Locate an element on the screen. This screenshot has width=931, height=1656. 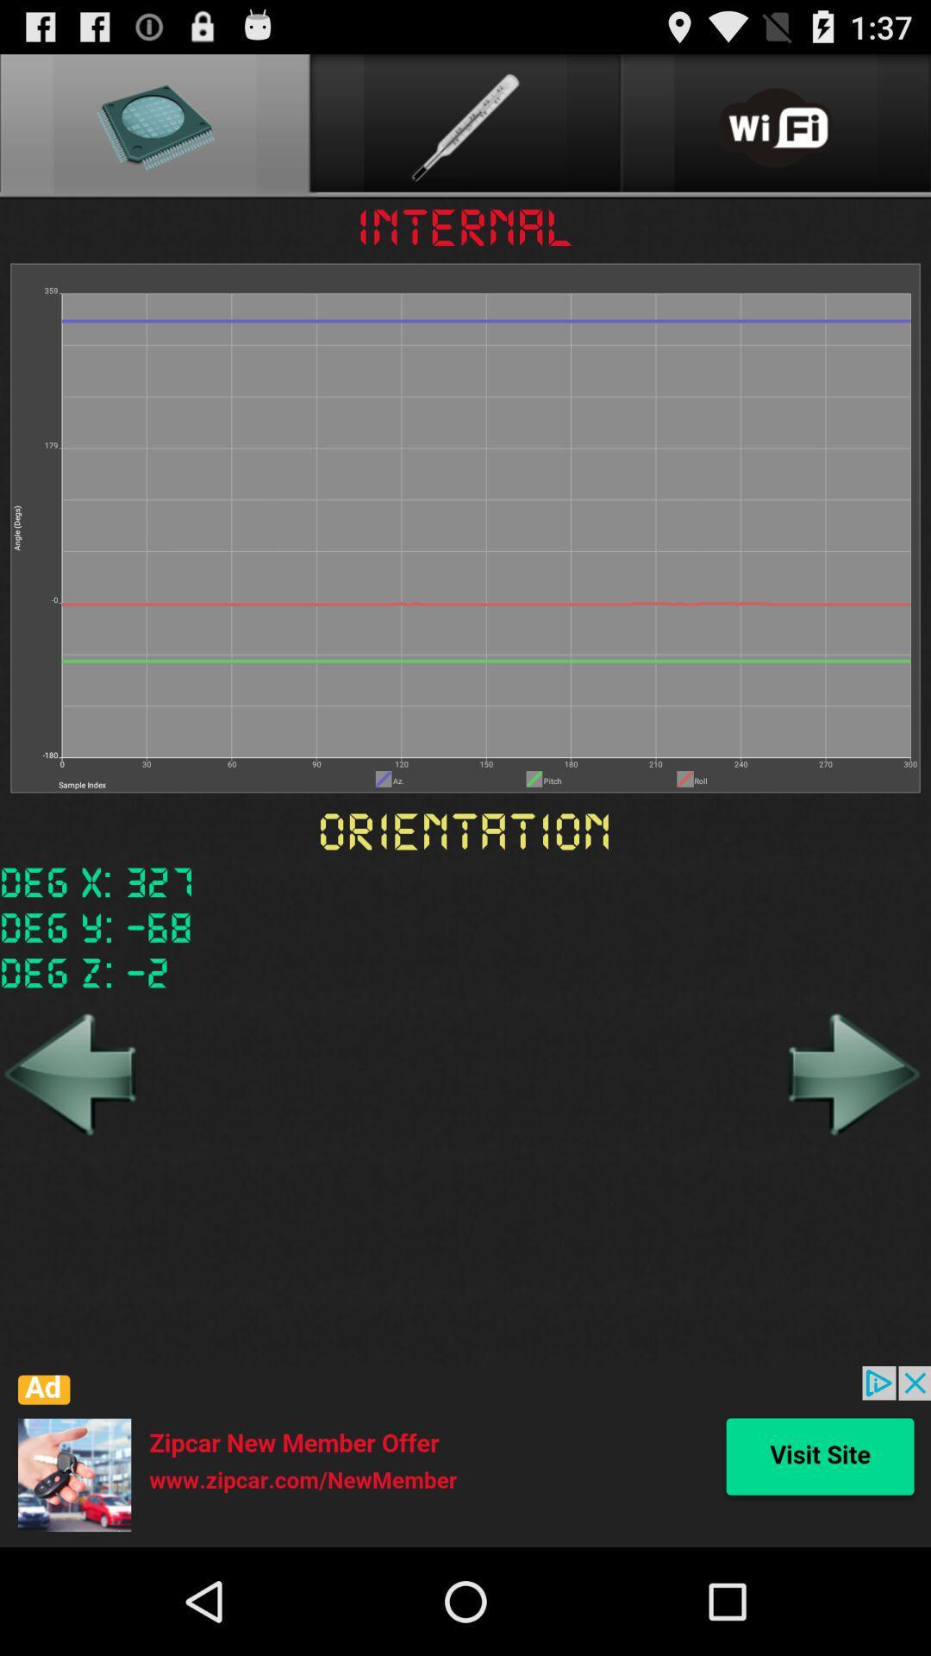
advertisement is located at coordinates (465, 1456).